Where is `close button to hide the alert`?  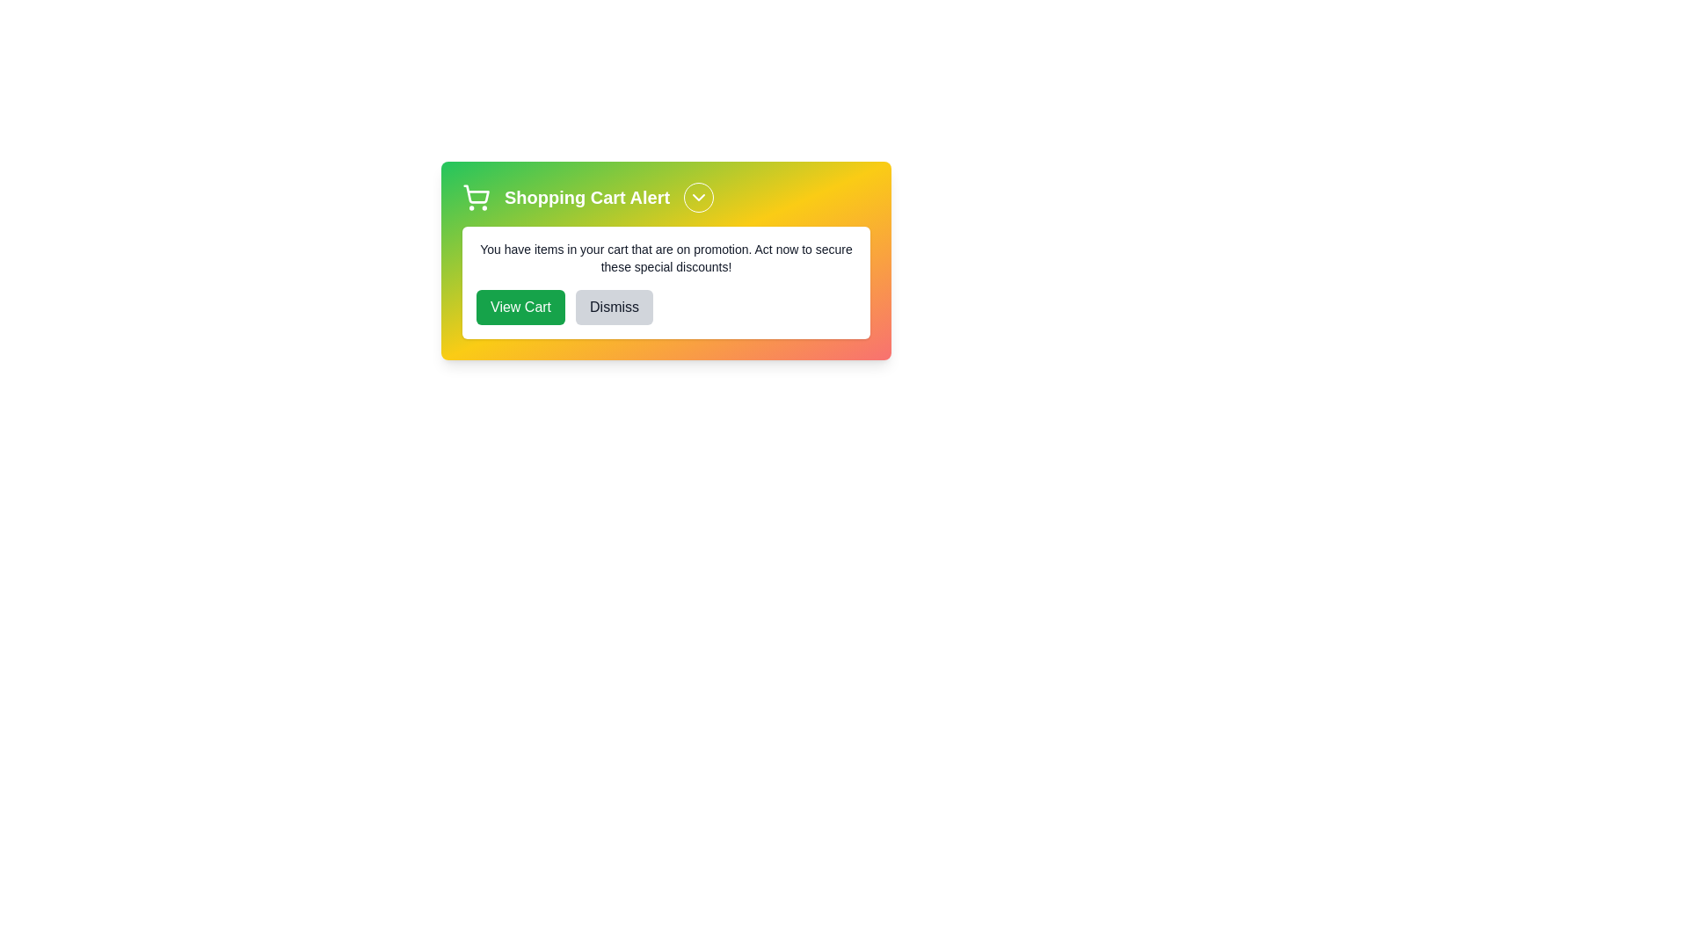 close button to hide the alert is located at coordinates (698, 197).